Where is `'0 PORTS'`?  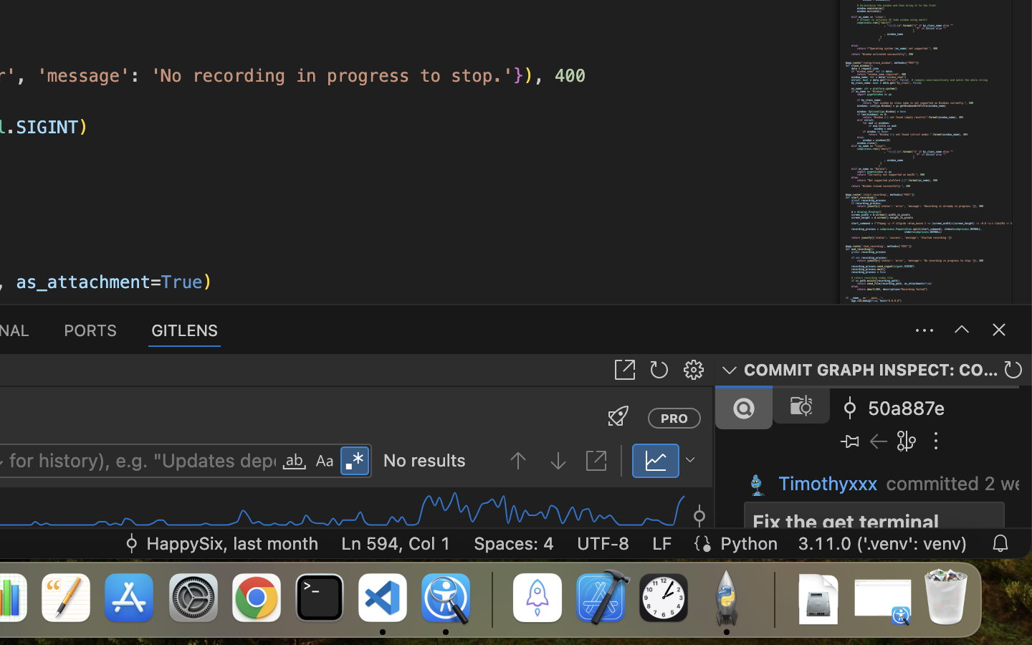
'0 PORTS' is located at coordinates (90, 328).